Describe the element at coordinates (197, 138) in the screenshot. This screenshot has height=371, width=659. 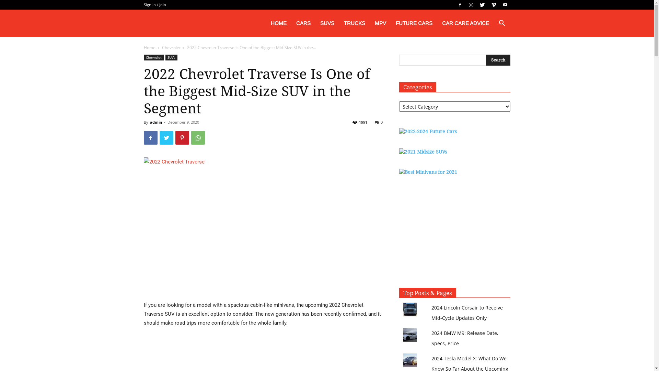
I see `'WhatsApp'` at that location.